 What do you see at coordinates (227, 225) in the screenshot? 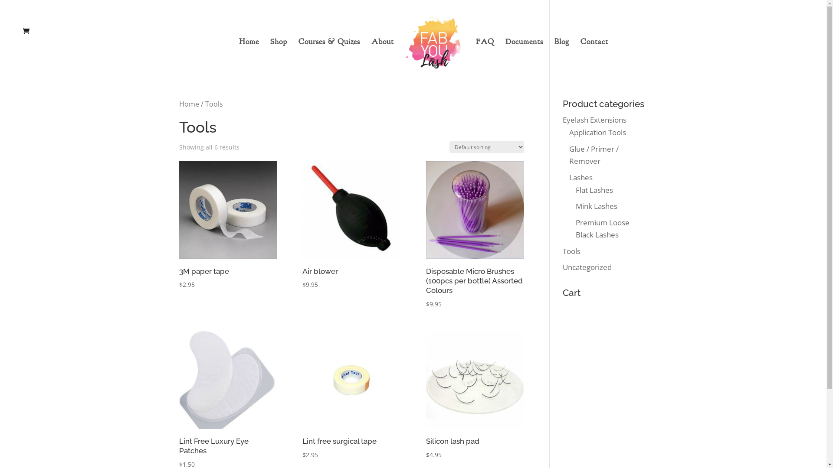
I see `'3M paper tape` at bounding box center [227, 225].